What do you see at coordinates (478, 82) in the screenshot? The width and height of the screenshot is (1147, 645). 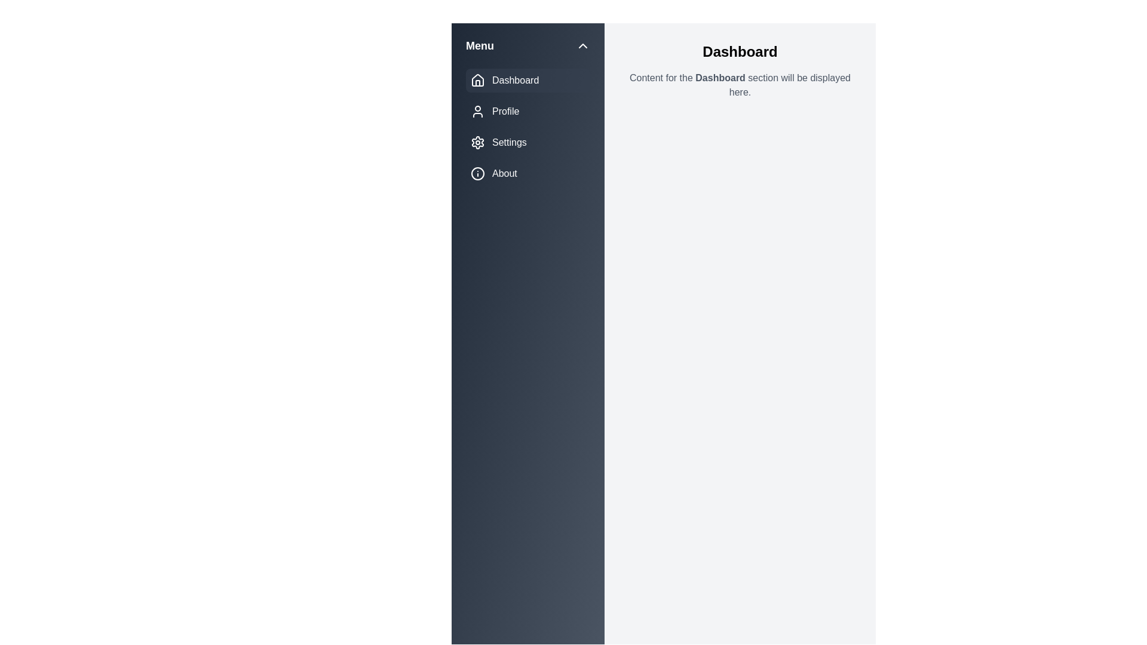 I see `the decorative graphic element that represents the door of the house icon in the navigation menu, located to the left of the 'Dashboard' text` at bounding box center [478, 82].